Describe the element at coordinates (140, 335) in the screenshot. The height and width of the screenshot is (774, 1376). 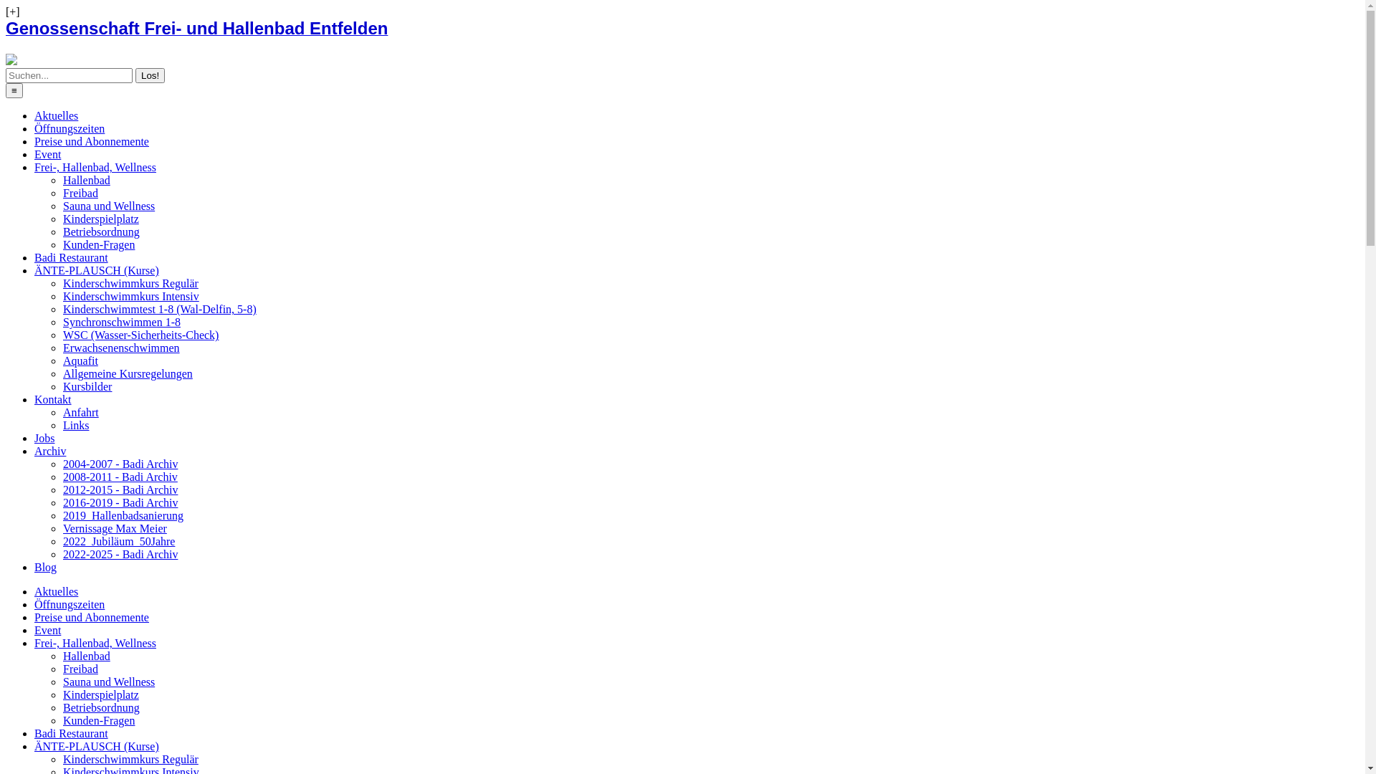
I see `'WSC (Wasser-Sicherheits-Check)'` at that location.